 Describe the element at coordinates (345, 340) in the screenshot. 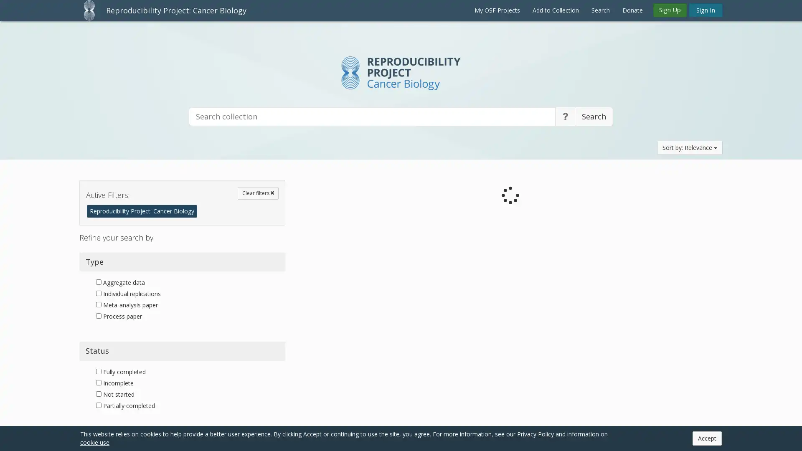

I see `Type: Individual replications` at that location.